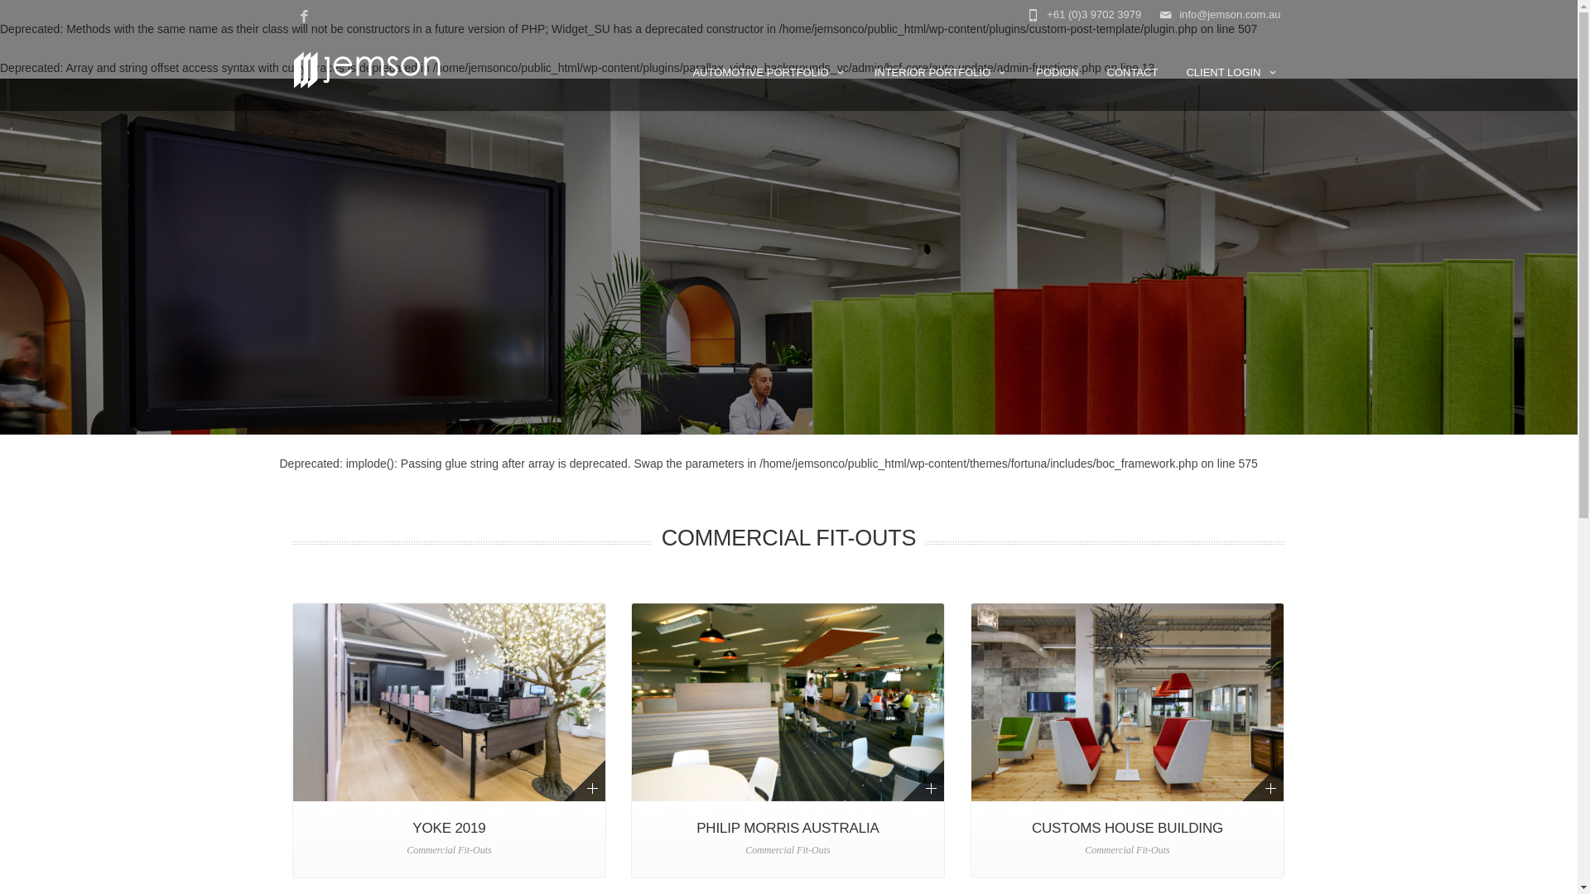 Image resolution: width=1590 pixels, height=894 pixels. What do you see at coordinates (630, 739) in the screenshot?
I see `'PHILIP MORRIS AUSTRALIA` at bounding box center [630, 739].